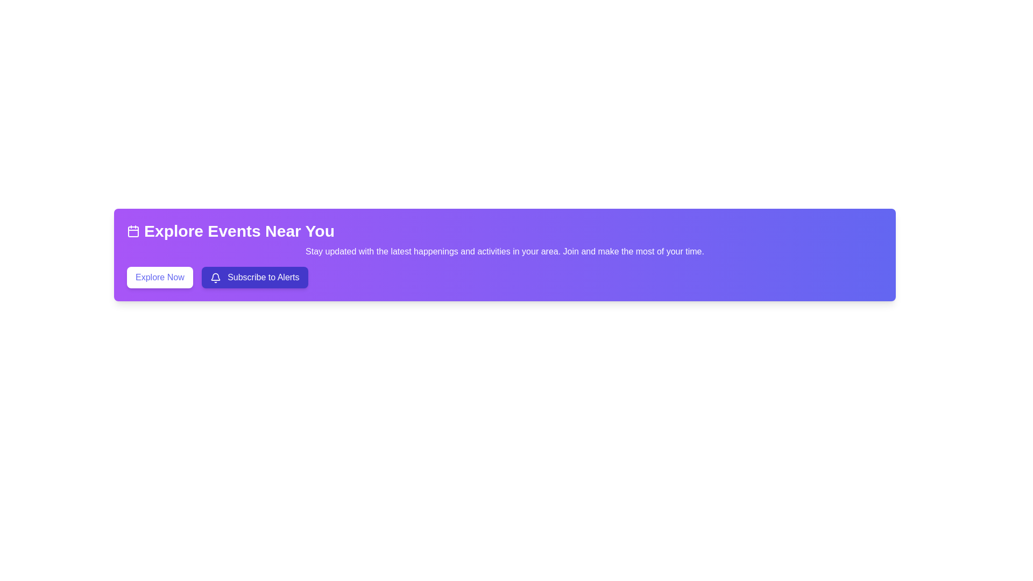 This screenshot has width=1033, height=581. I want to click on the 'Subscribe to Alerts' button, which is a rectangular button with a purple background and white text, located to the right of the 'Explore Now' button, so click(254, 277).